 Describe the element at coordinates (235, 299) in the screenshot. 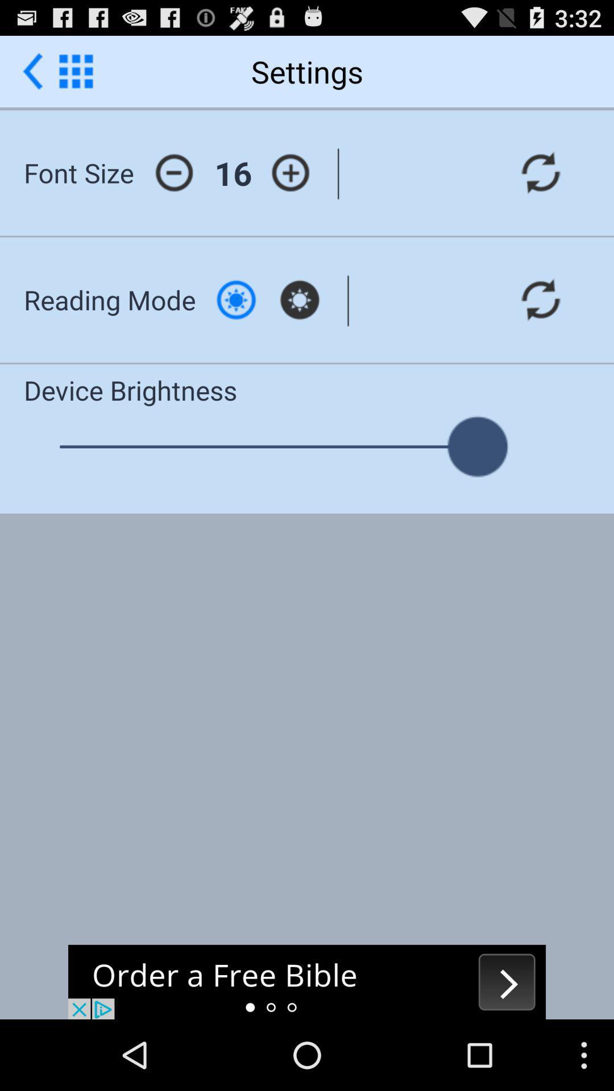

I see `click button` at that location.